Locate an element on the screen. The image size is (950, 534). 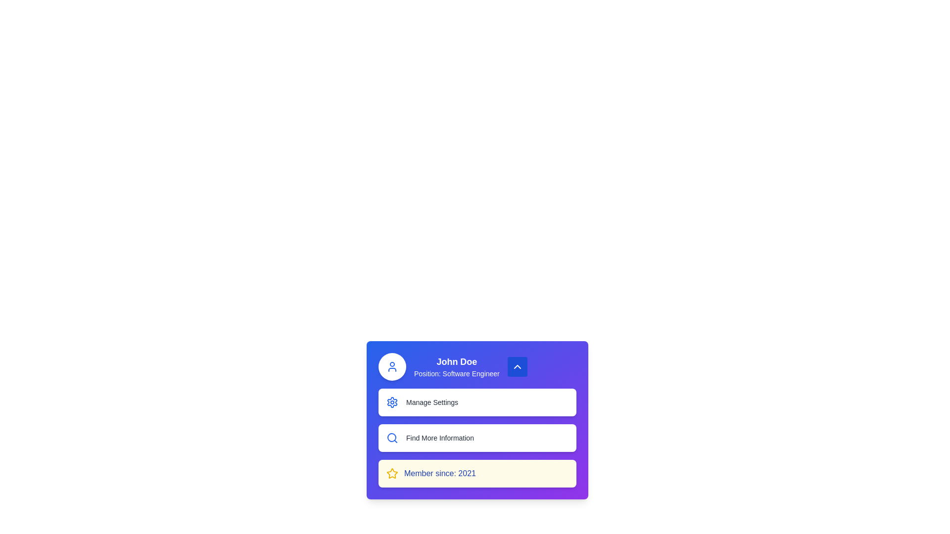
the small chevron-up icon with a blue background and white upward-pointing arrow is located at coordinates (517, 366).